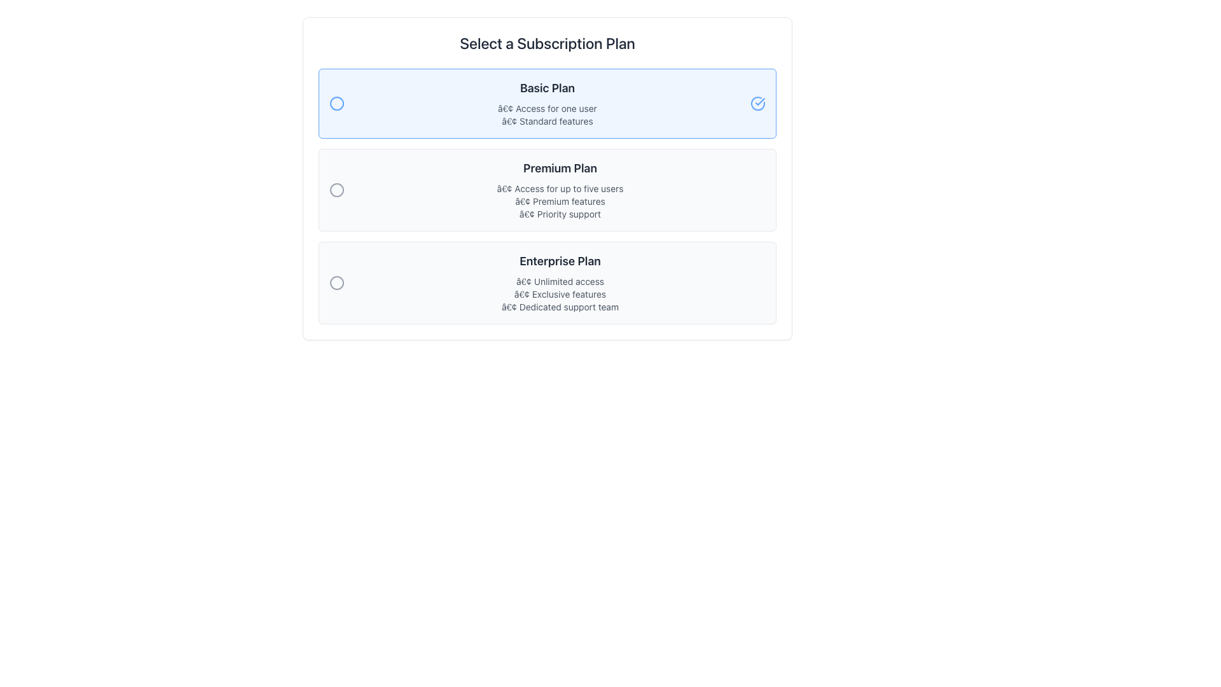 Image resolution: width=1221 pixels, height=687 pixels. I want to click on the second subscription plan option in the grid layout, so click(547, 196).